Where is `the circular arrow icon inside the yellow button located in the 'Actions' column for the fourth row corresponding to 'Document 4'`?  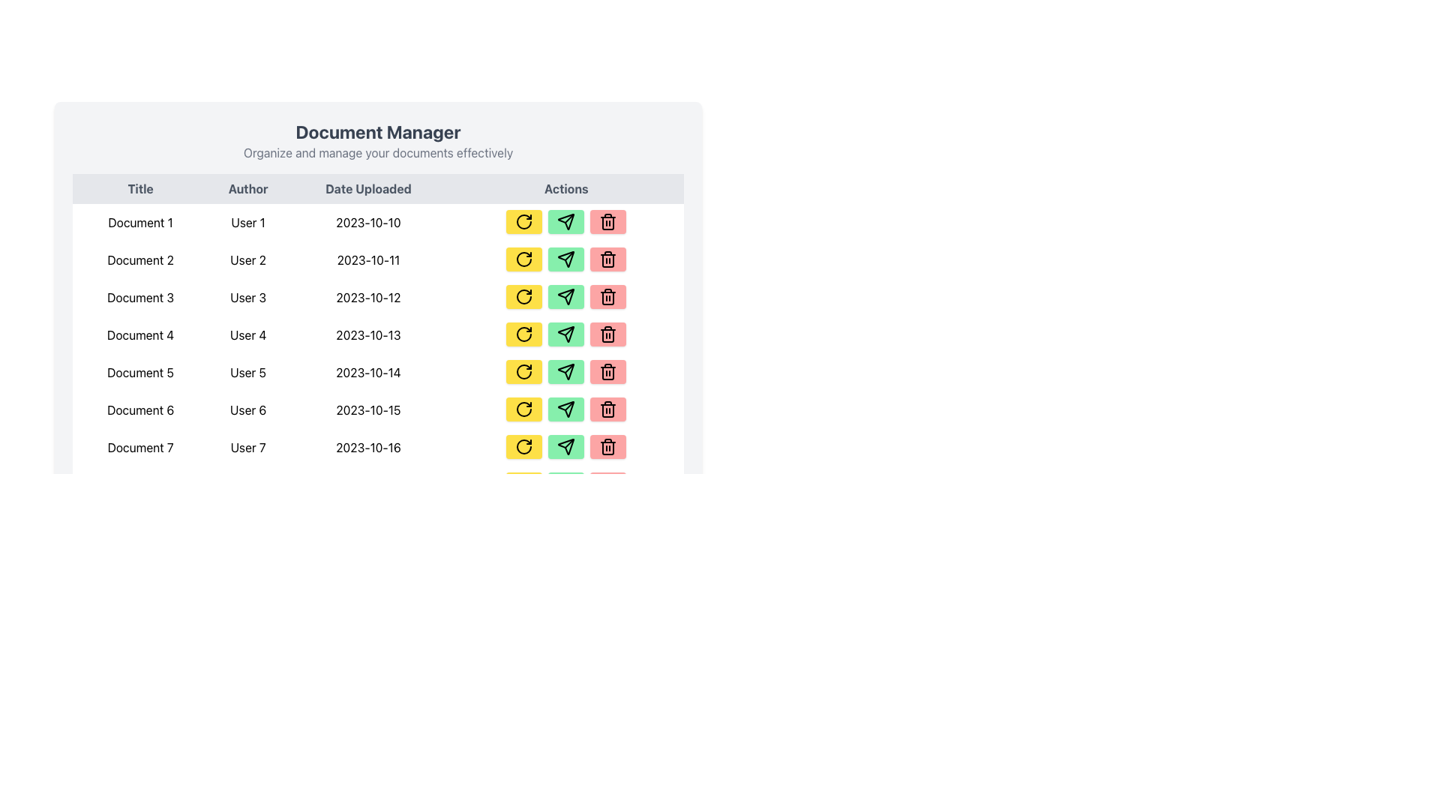 the circular arrow icon inside the yellow button located in the 'Actions' column for the fourth row corresponding to 'Document 4' is located at coordinates (524, 334).